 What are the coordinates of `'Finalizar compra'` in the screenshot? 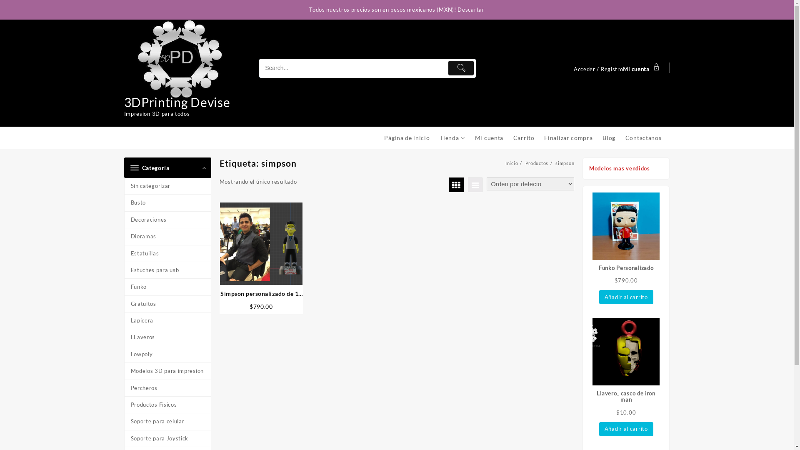 It's located at (572, 137).